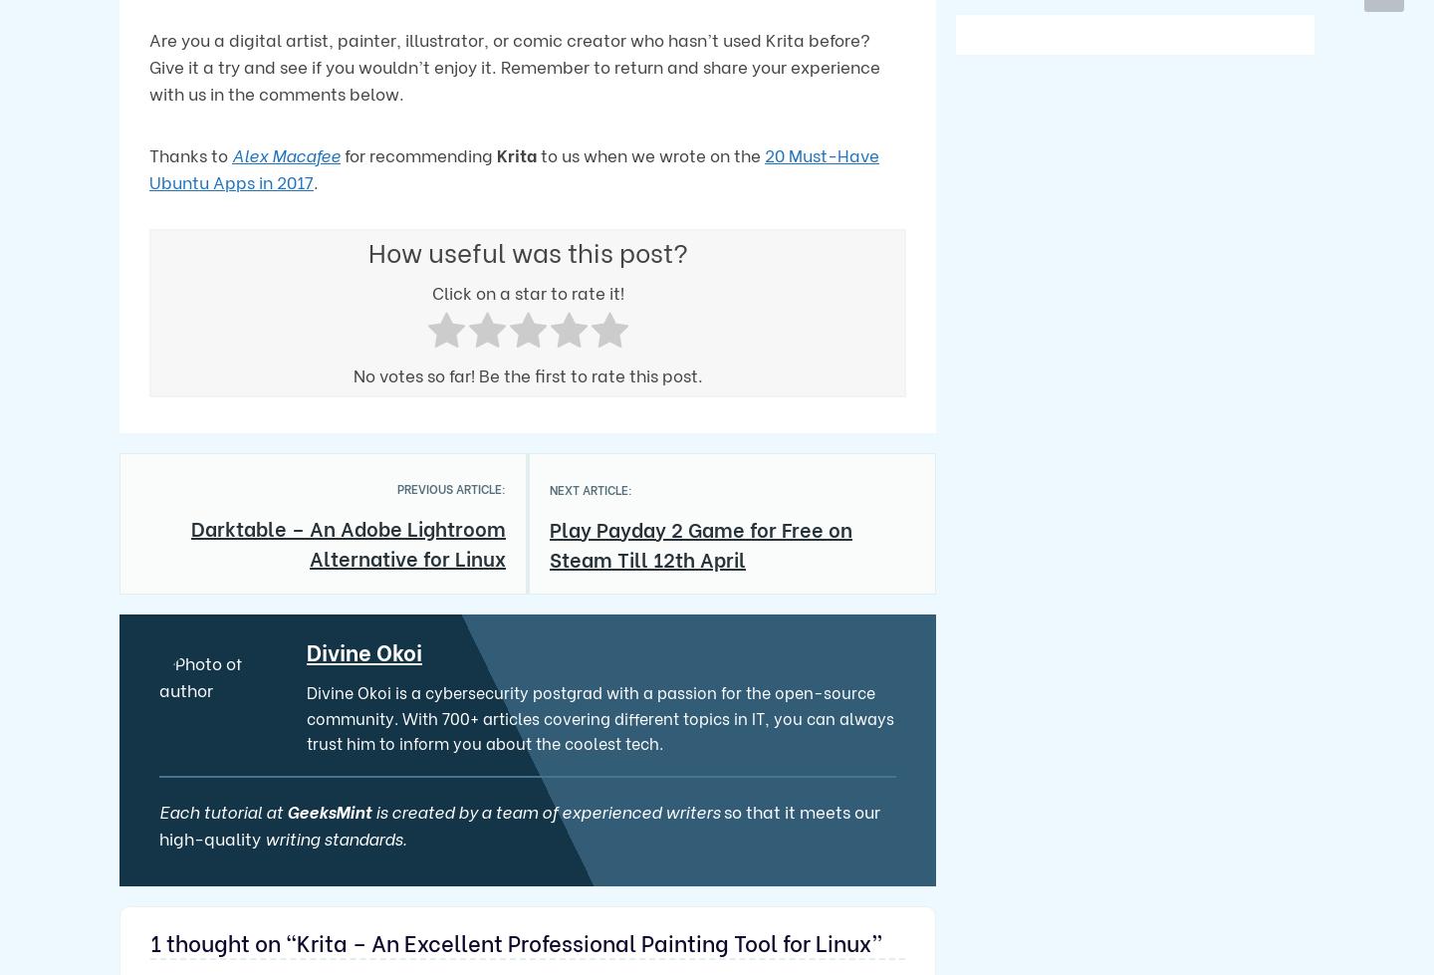  What do you see at coordinates (316, 180) in the screenshot?
I see `'.'` at bounding box center [316, 180].